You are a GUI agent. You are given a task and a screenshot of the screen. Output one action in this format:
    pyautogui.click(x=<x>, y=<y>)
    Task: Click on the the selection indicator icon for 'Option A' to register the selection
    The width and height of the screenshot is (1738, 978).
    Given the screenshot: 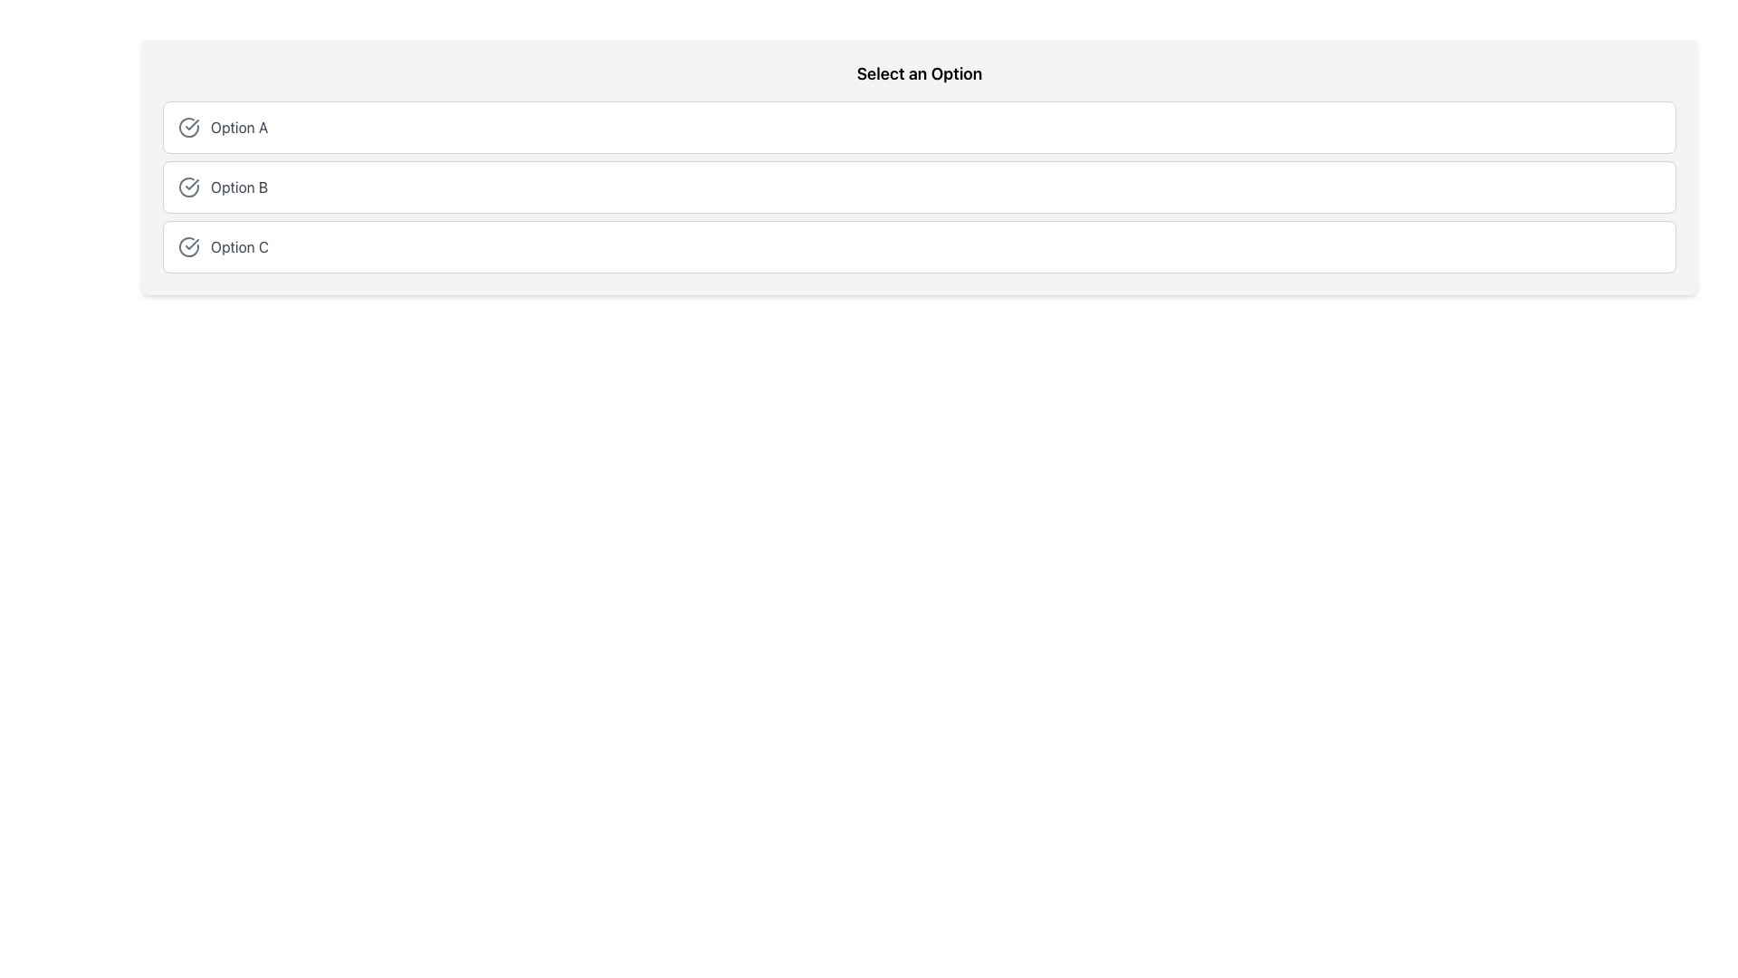 What is the action you would take?
    pyautogui.click(x=189, y=127)
    